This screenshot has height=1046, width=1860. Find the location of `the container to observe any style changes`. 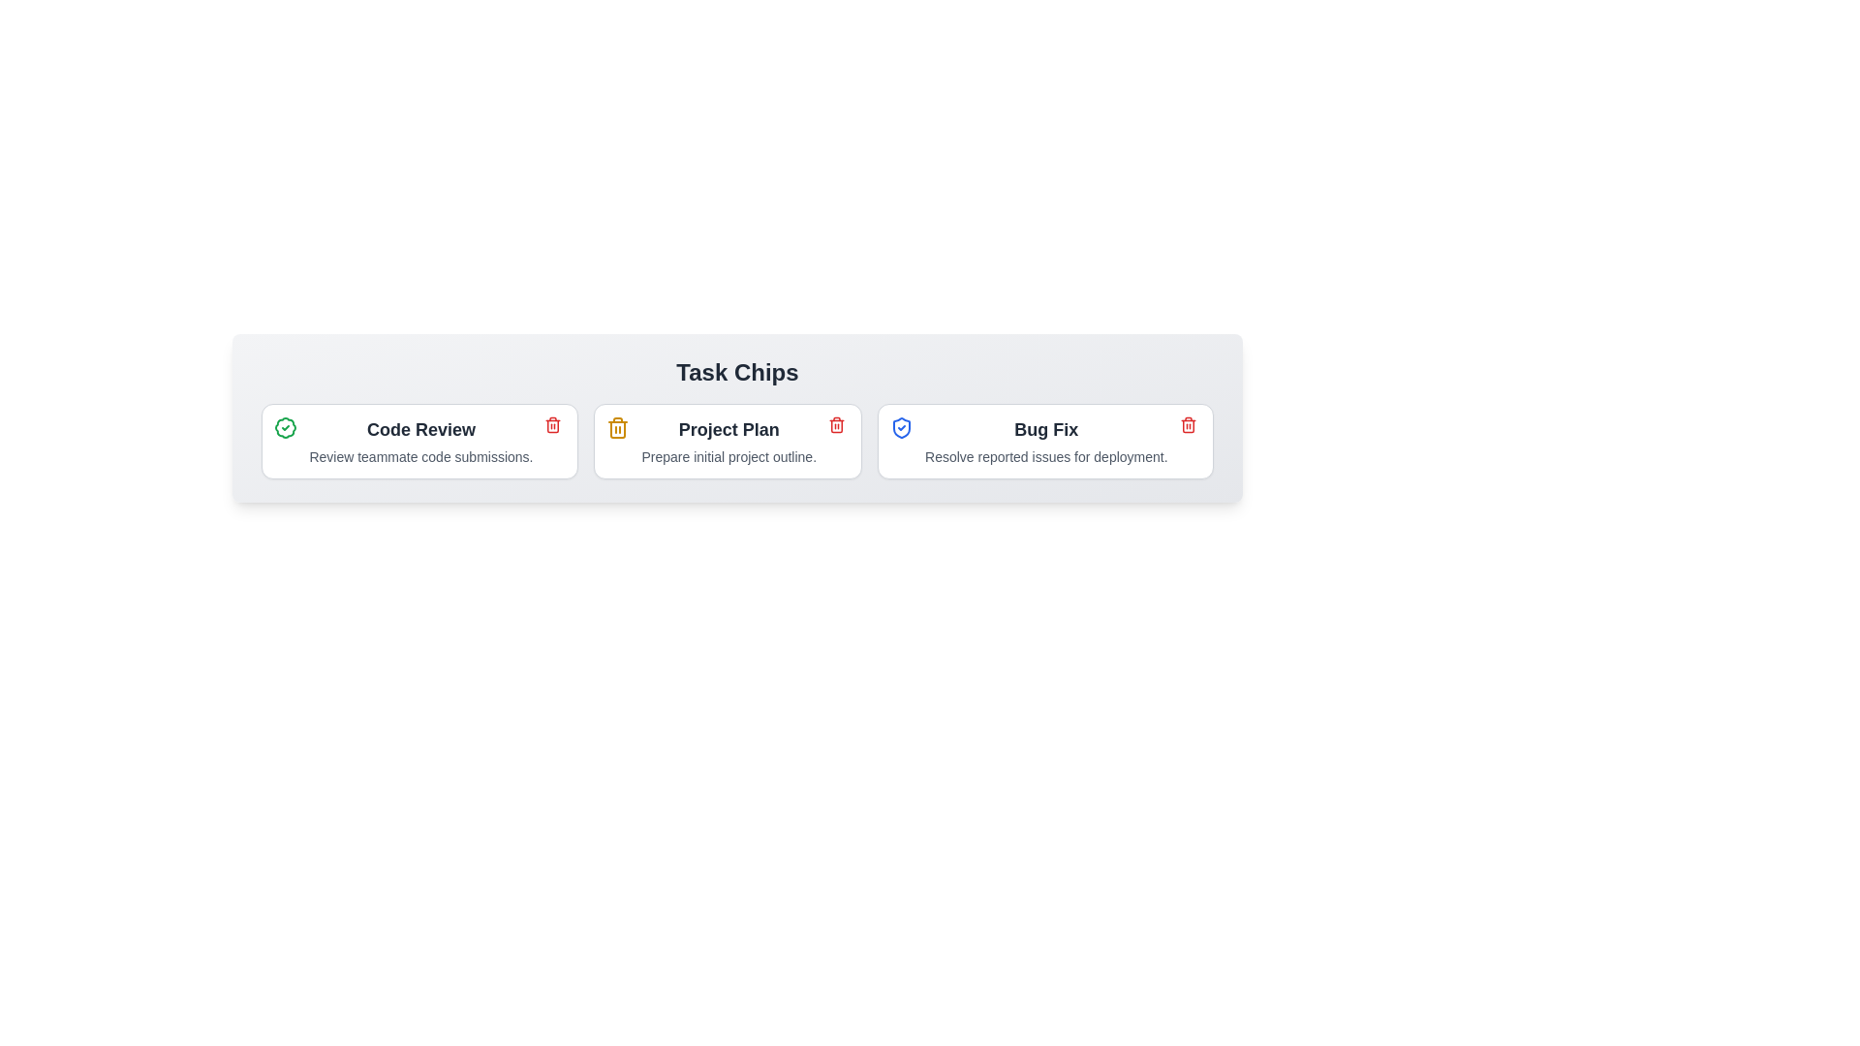

the container to observe any style changes is located at coordinates (736, 417).